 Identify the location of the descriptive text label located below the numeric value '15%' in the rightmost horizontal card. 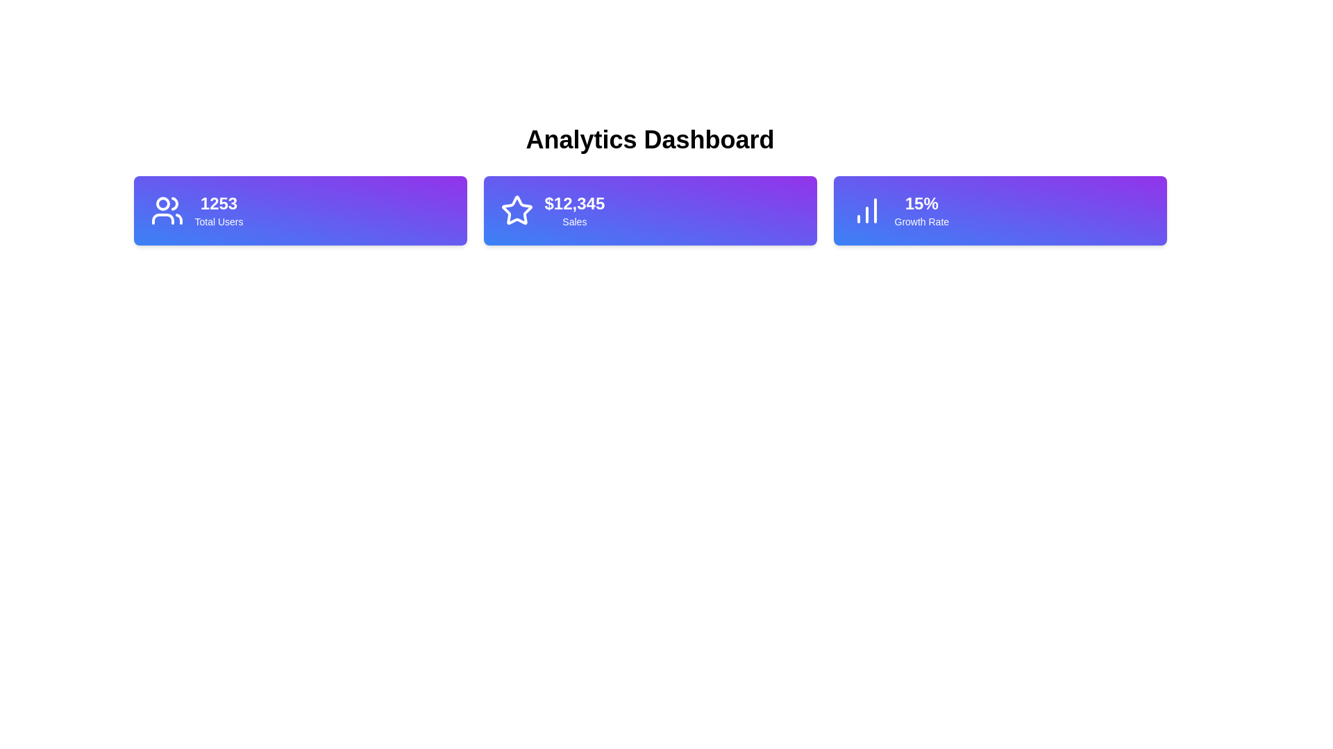
(921, 221).